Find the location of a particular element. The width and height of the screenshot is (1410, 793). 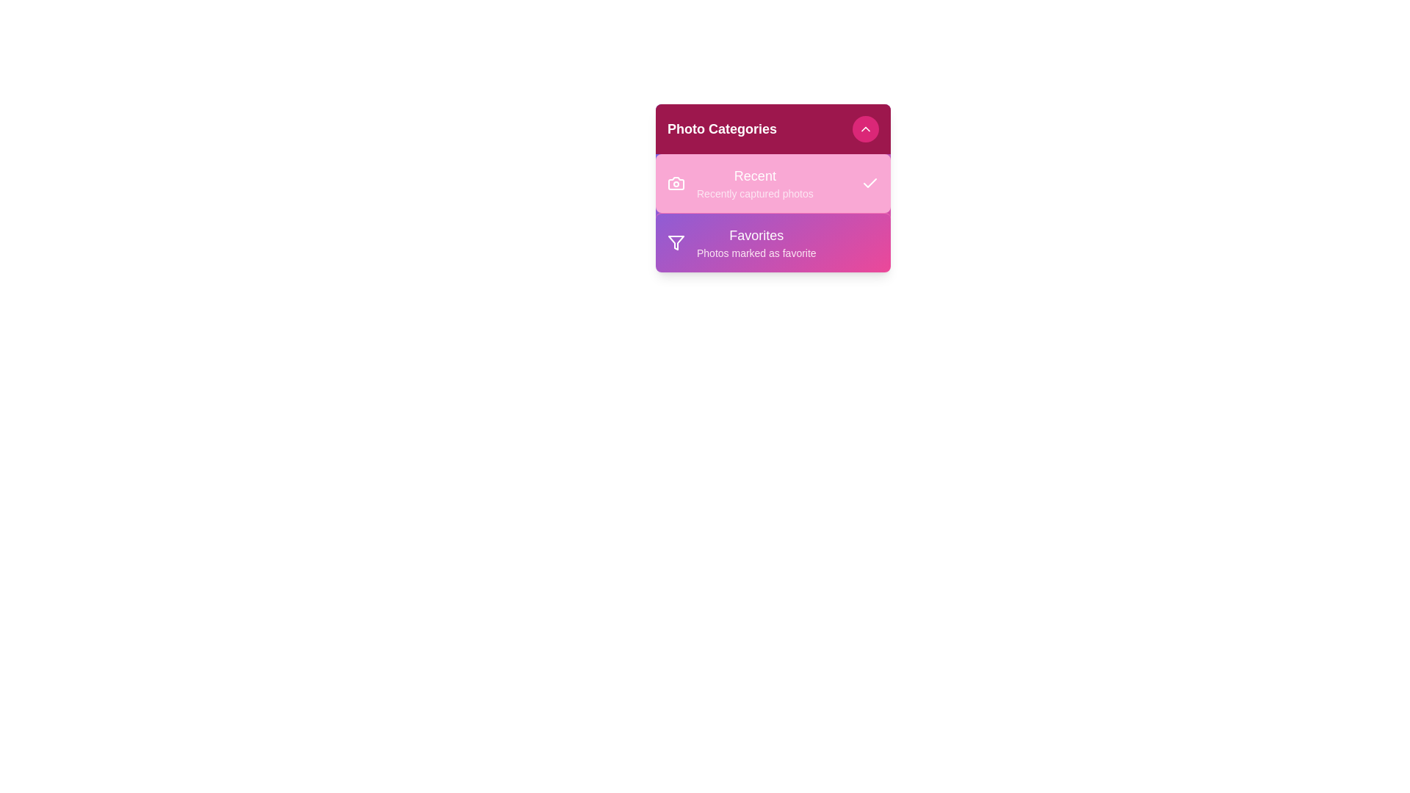

the chevron button to collapse the menu is located at coordinates (866, 128).